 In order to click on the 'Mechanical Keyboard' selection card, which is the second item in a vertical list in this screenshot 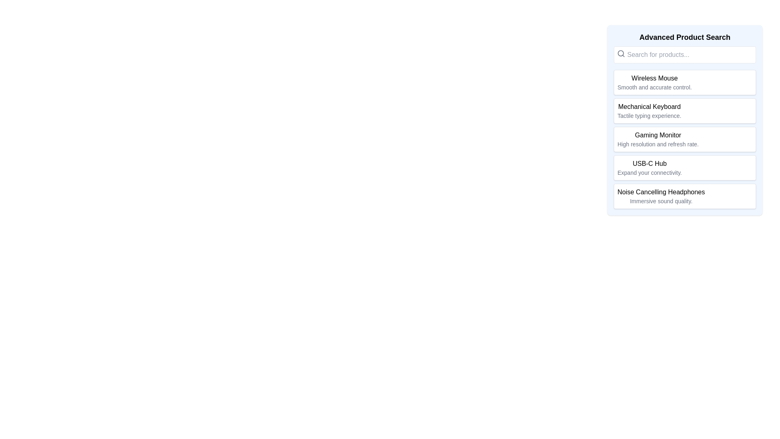, I will do `click(684, 111)`.